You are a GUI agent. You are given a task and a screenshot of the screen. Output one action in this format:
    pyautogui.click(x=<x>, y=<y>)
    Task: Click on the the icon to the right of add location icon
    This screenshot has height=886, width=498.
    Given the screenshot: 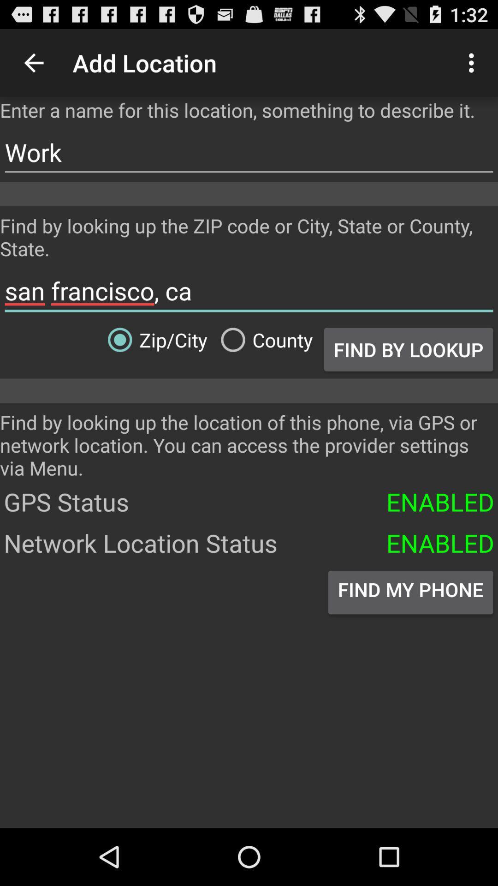 What is the action you would take?
    pyautogui.click(x=474, y=62)
    